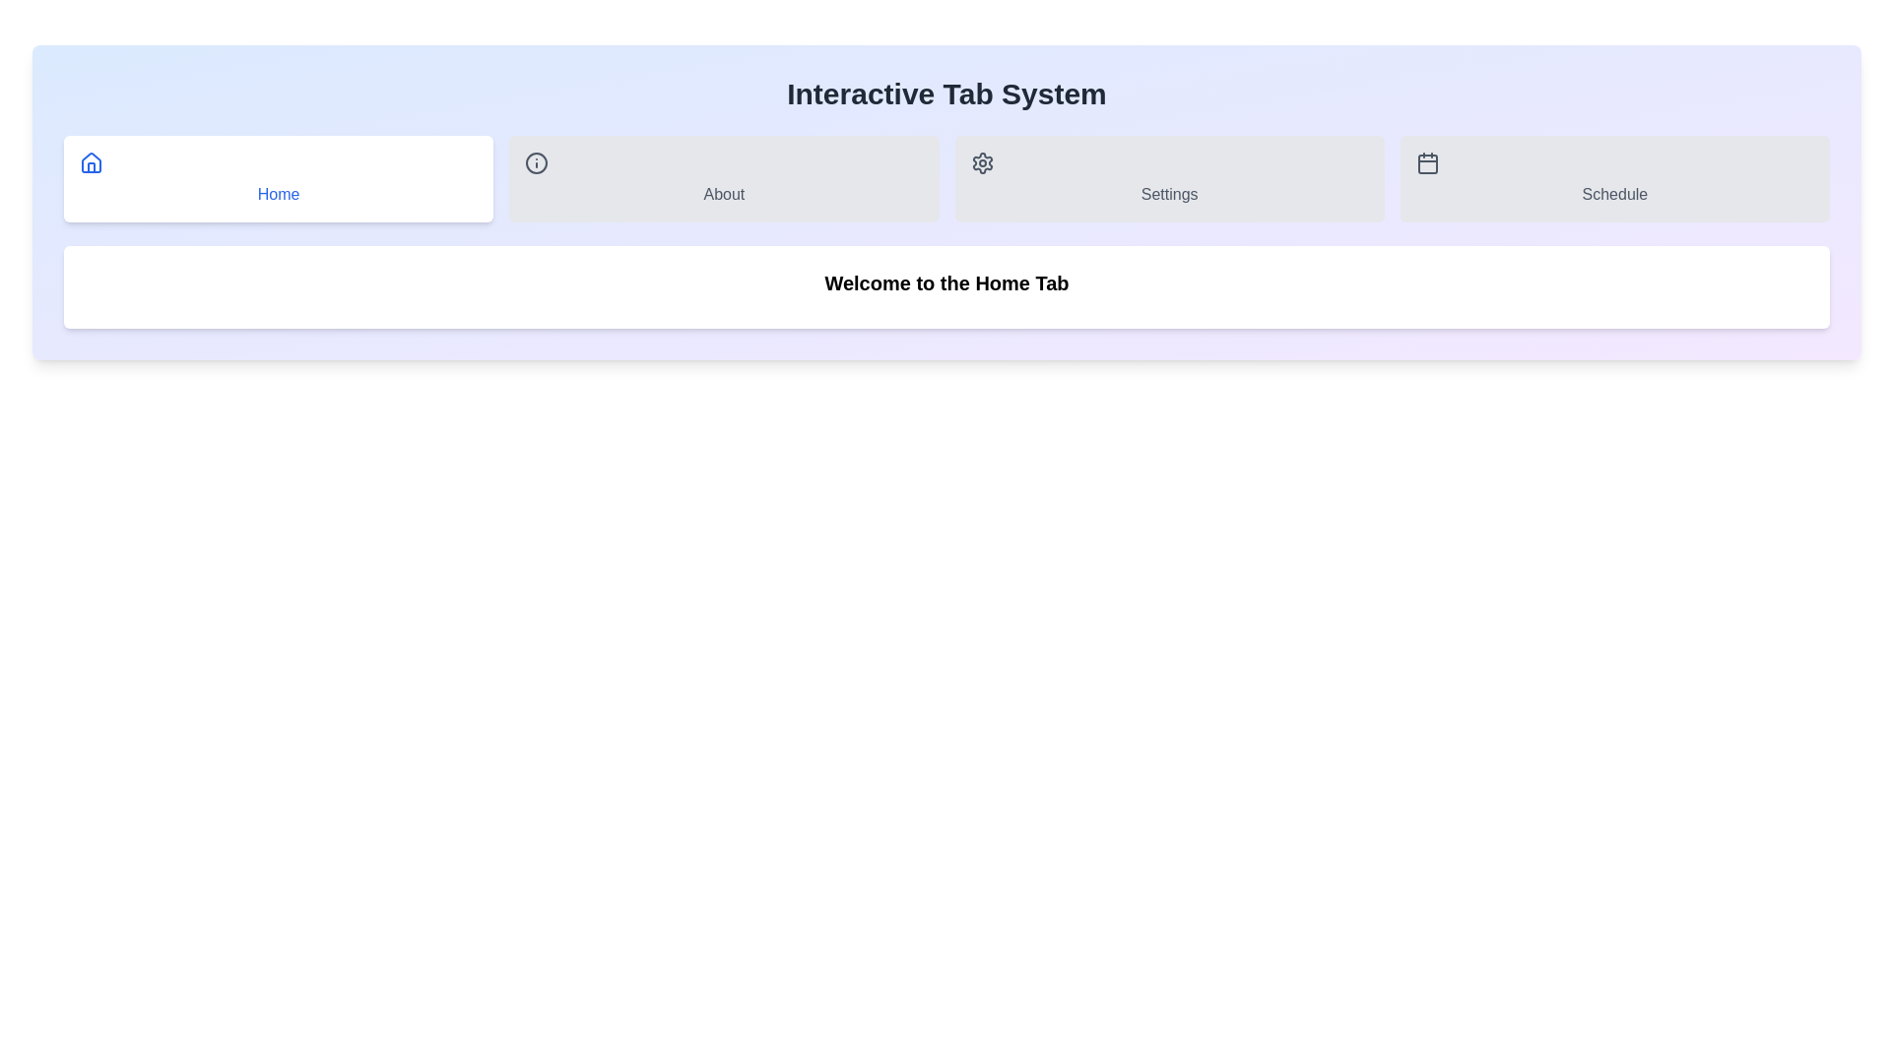 The width and height of the screenshot is (1891, 1063). Describe the element at coordinates (722, 178) in the screenshot. I see `the About tab by clicking its respective button` at that location.